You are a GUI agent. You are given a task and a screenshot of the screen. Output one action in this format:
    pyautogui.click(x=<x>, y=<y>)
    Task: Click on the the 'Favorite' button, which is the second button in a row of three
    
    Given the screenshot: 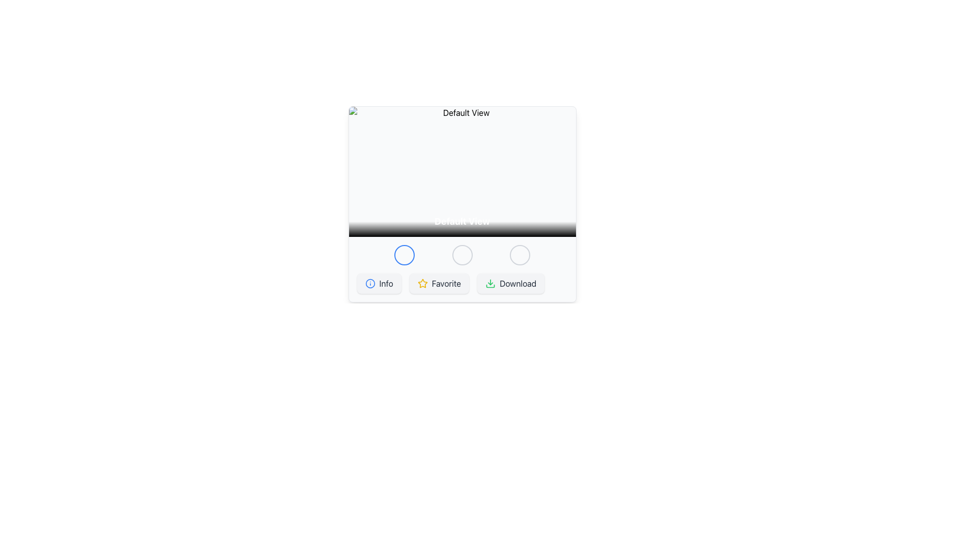 What is the action you would take?
    pyautogui.click(x=439, y=284)
    